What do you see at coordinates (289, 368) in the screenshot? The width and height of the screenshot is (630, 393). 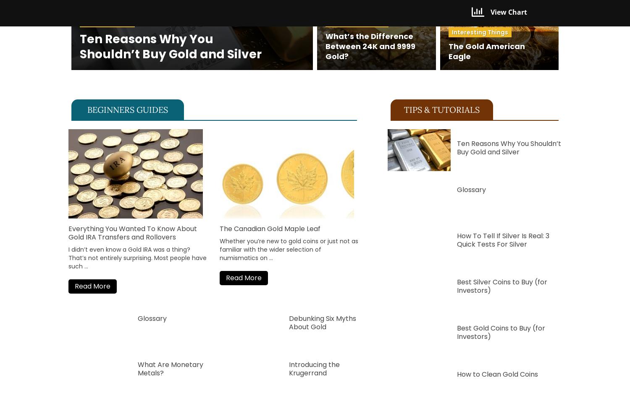 I see `'Introducing the Krugerrand'` at bounding box center [289, 368].